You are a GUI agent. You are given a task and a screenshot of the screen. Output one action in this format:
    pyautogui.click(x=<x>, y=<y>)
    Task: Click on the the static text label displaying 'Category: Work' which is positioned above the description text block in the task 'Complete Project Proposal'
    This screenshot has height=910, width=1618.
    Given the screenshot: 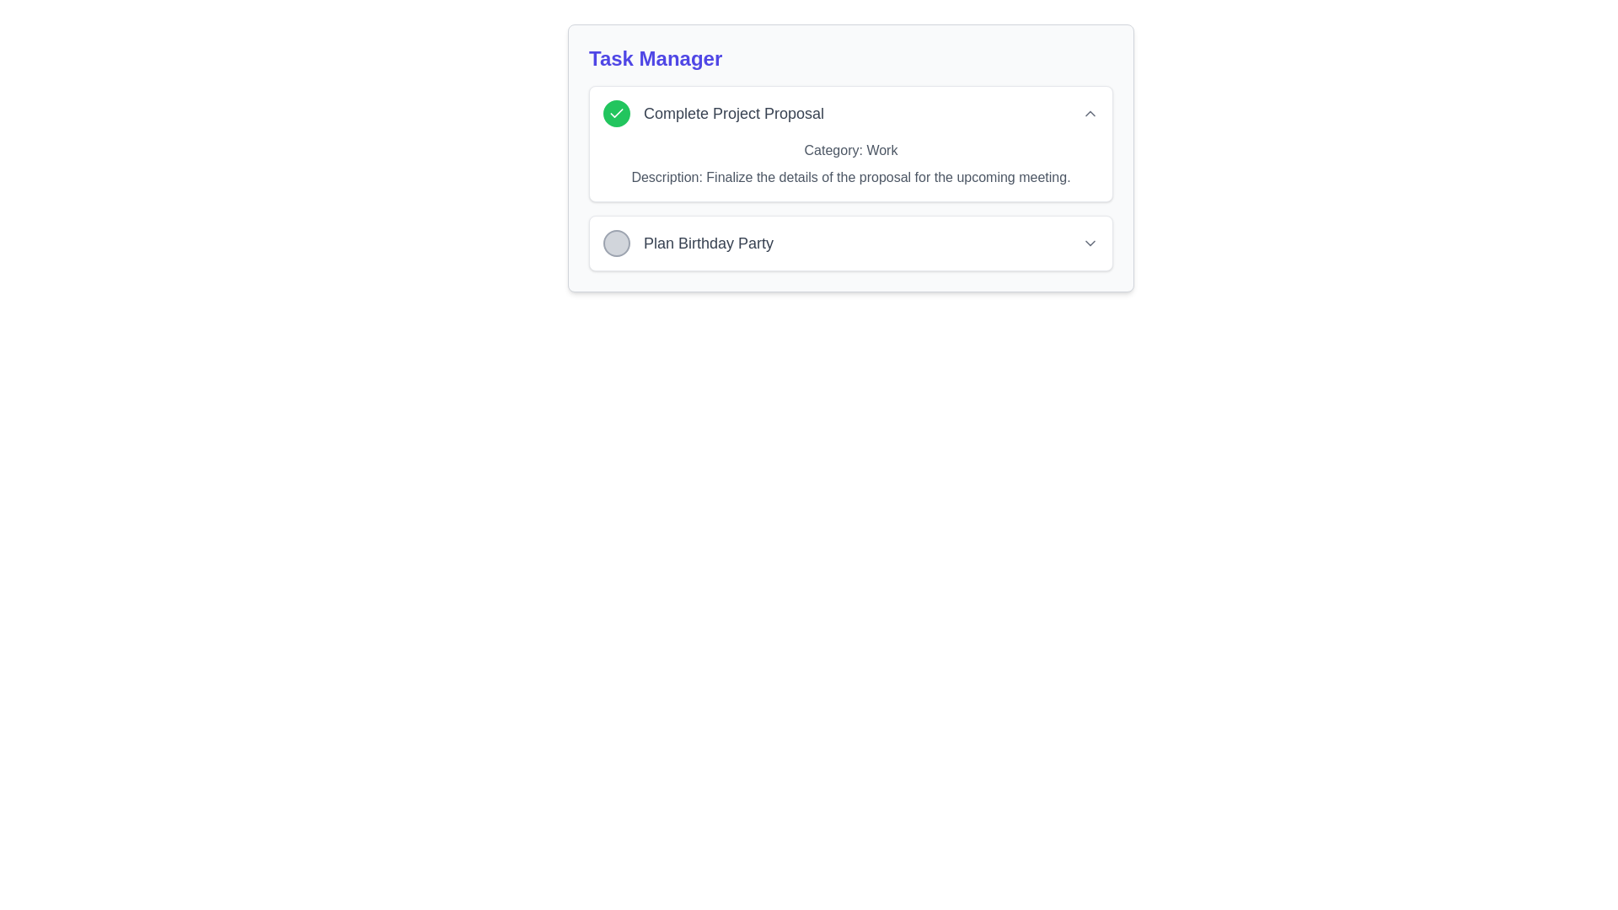 What is the action you would take?
    pyautogui.click(x=850, y=149)
    